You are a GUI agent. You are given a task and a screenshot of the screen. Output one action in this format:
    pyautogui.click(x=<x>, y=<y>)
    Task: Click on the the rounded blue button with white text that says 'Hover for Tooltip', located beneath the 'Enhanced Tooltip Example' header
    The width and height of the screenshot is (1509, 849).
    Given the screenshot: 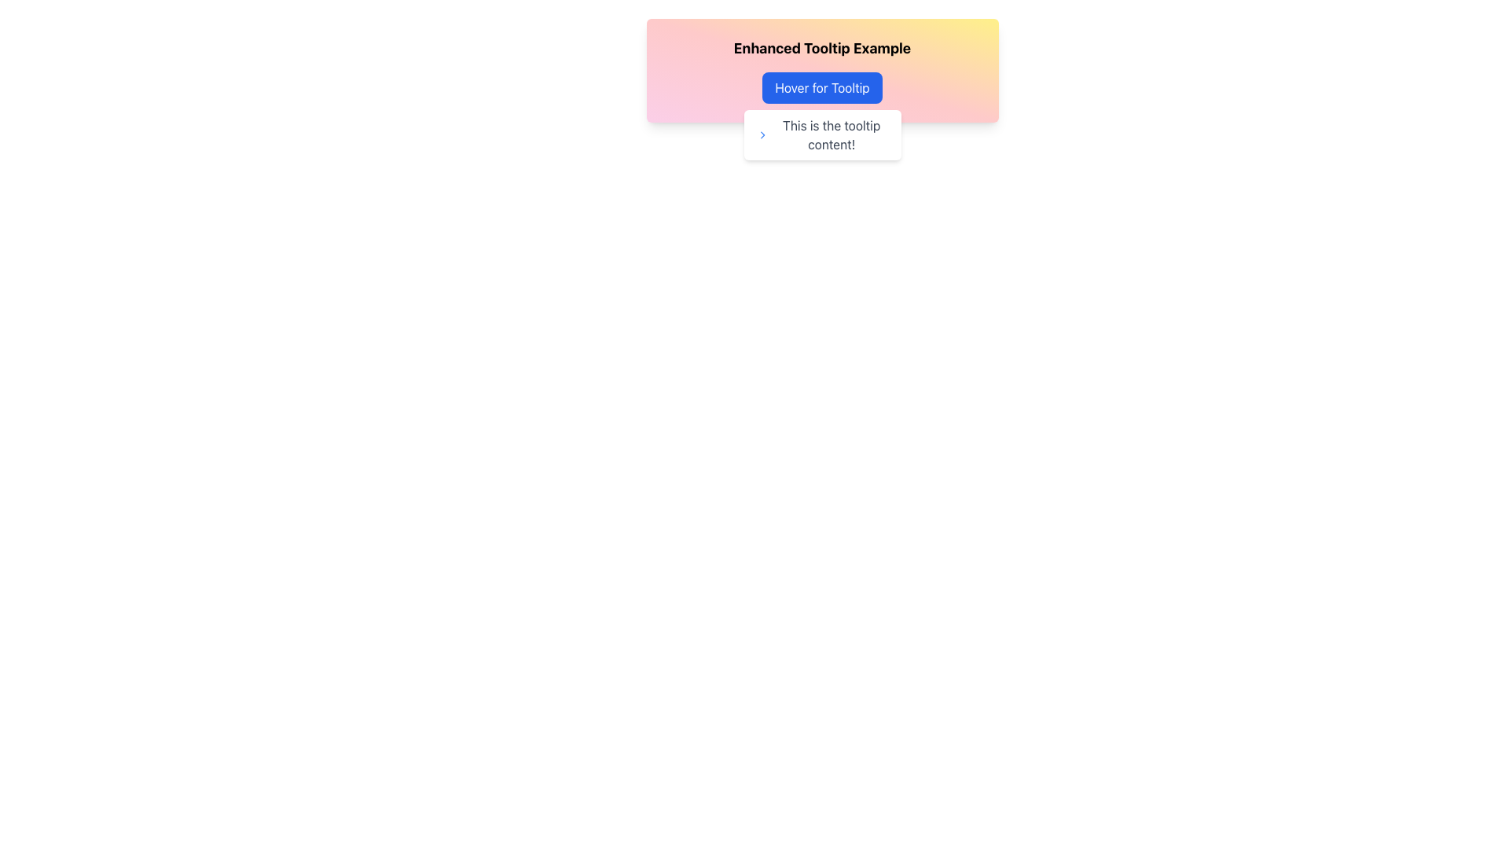 What is the action you would take?
    pyautogui.click(x=821, y=87)
    